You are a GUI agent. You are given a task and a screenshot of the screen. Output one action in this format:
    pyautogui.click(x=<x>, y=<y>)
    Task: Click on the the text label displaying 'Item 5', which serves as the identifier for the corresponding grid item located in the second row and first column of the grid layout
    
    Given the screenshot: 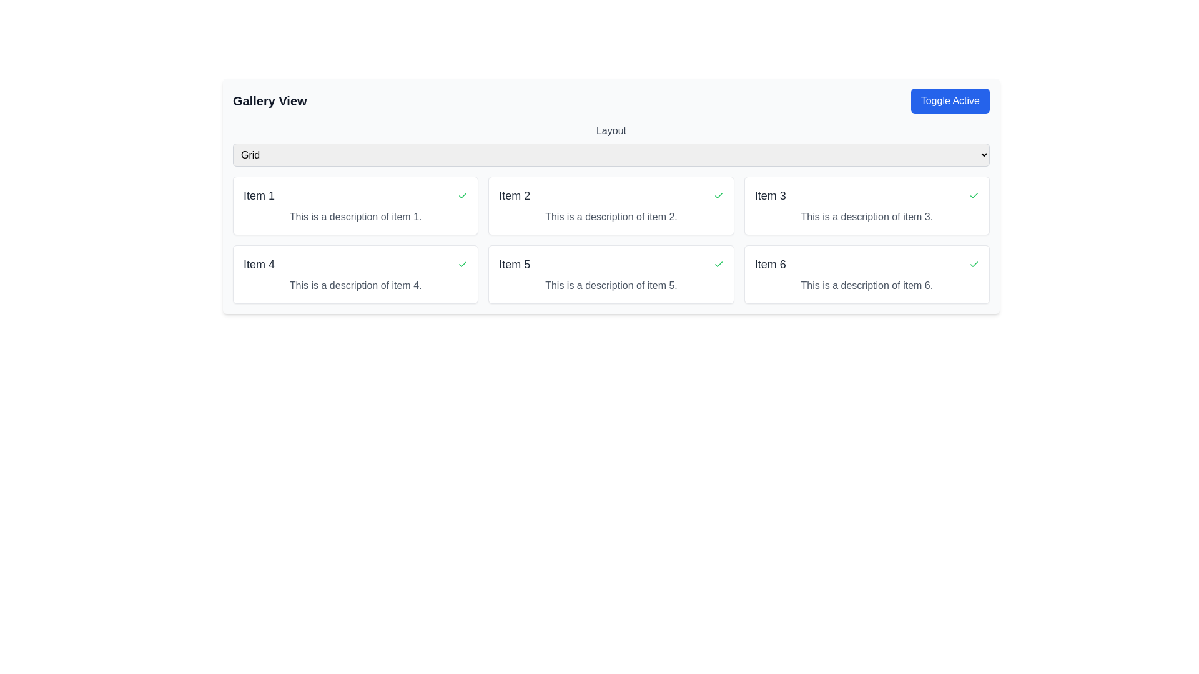 What is the action you would take?
    pyautogui.click(x=515, y=264)
    